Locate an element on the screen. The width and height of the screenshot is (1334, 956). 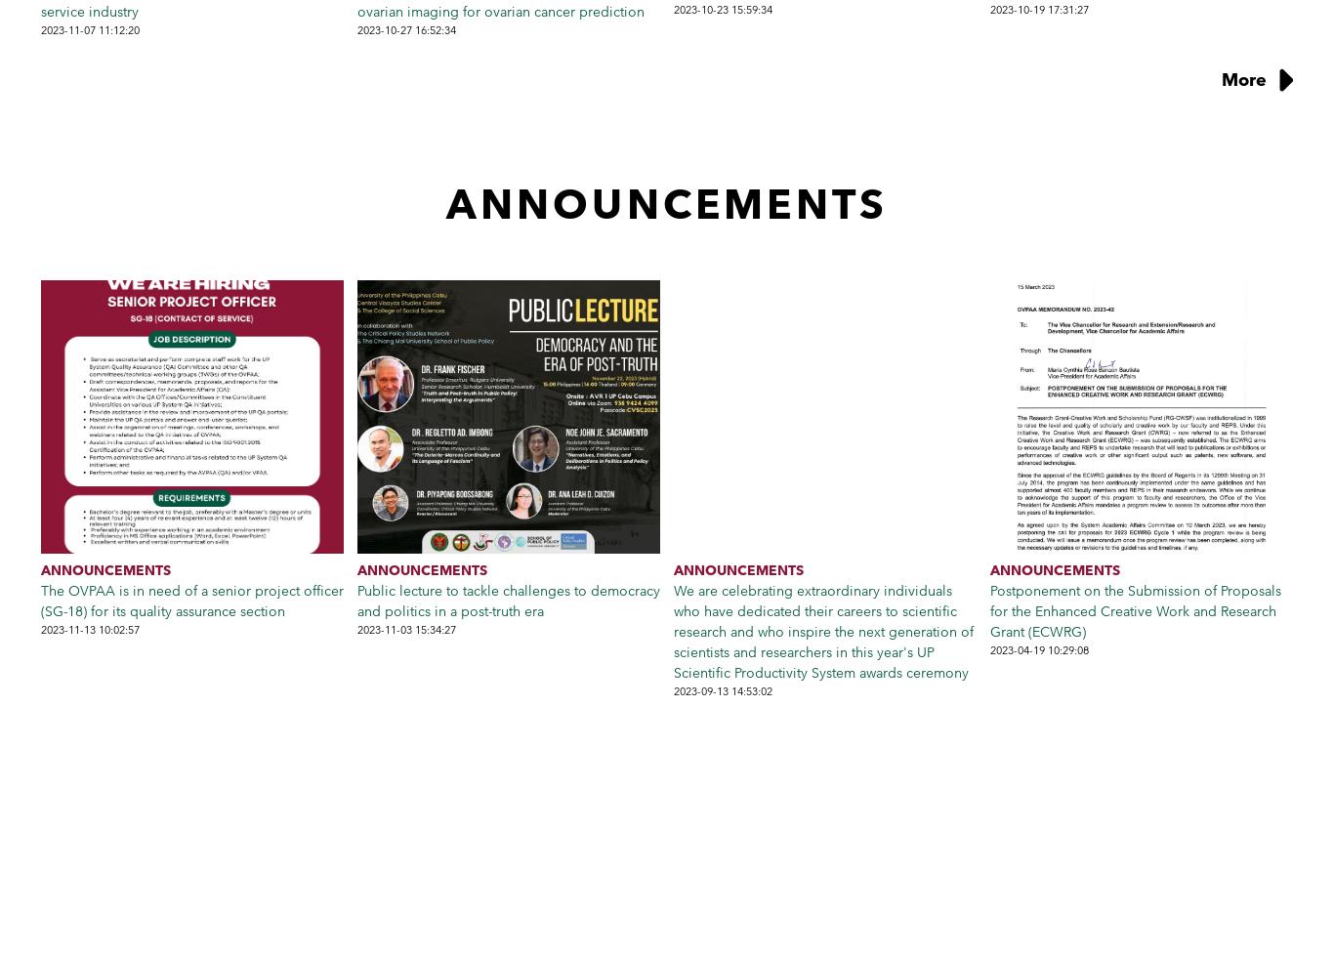
'2023-11-13 10:02:57' is located at coordinates (90, 627).